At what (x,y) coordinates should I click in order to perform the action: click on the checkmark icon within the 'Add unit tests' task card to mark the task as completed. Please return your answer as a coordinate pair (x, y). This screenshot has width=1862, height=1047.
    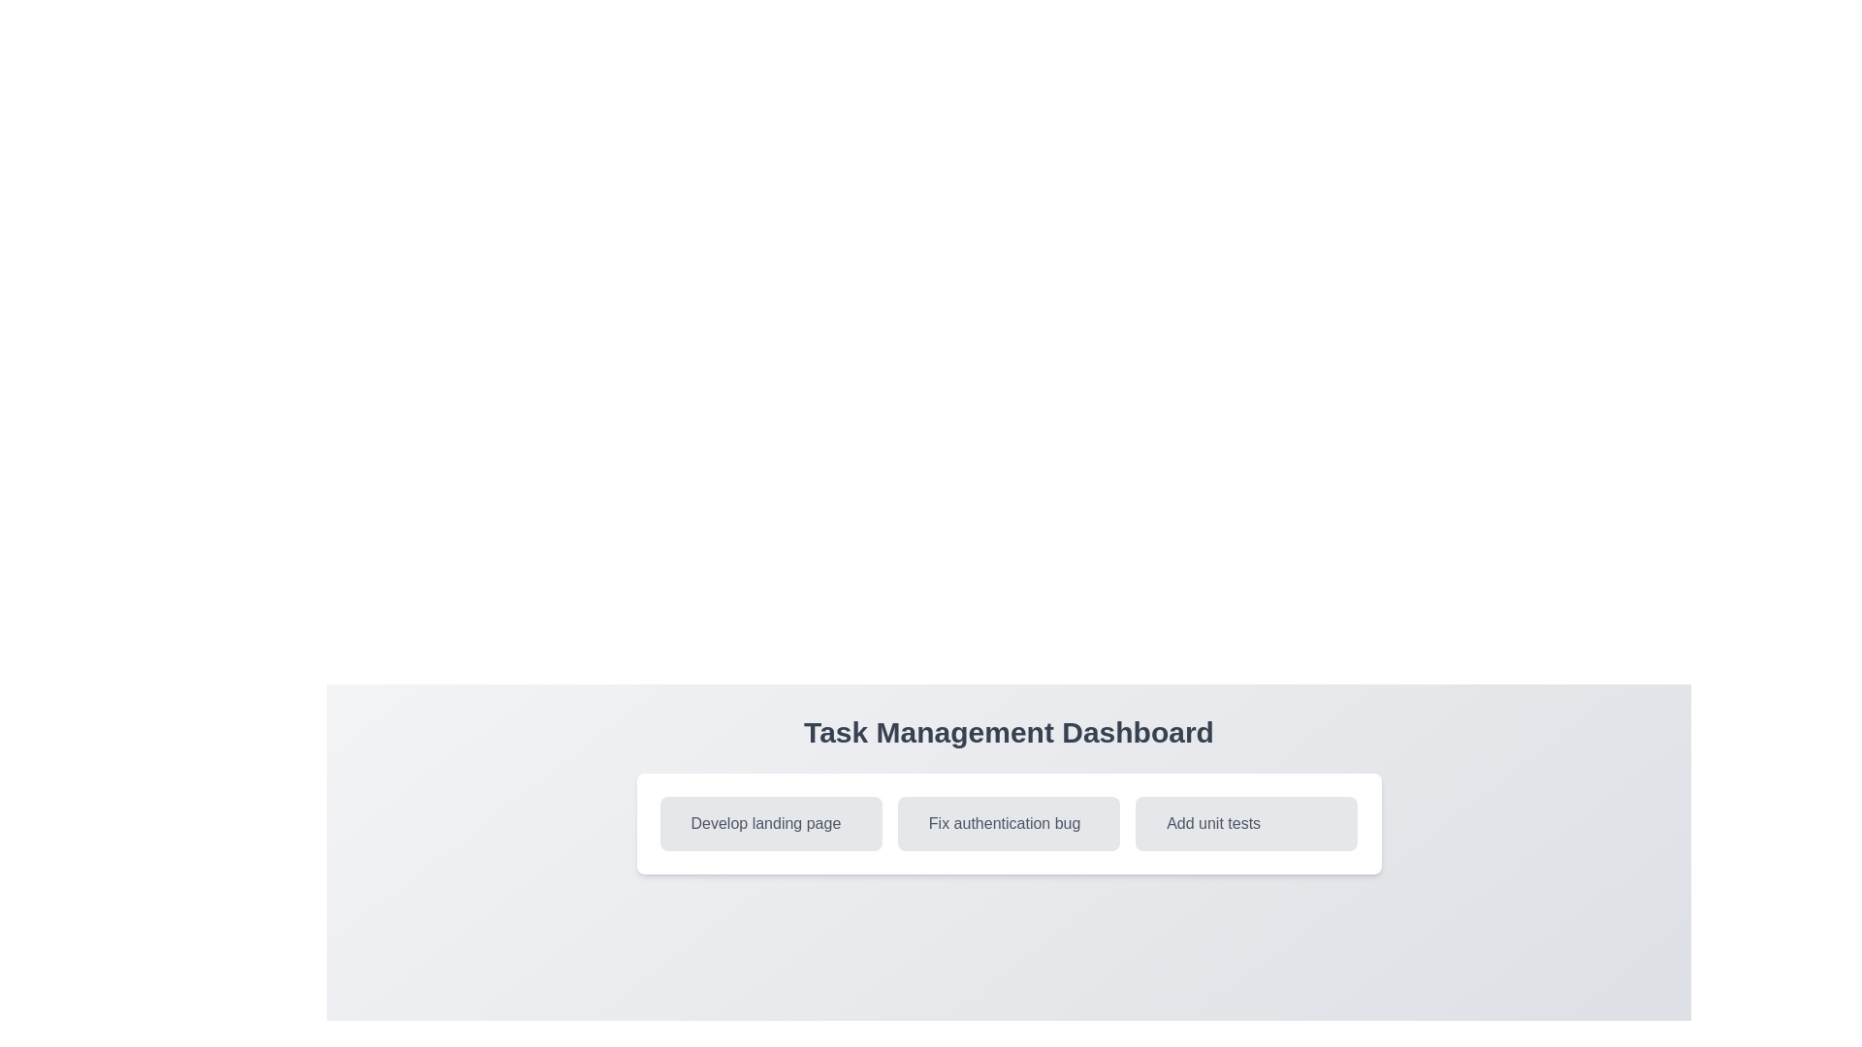
    Looking at the image, I should click on (1163, 823).